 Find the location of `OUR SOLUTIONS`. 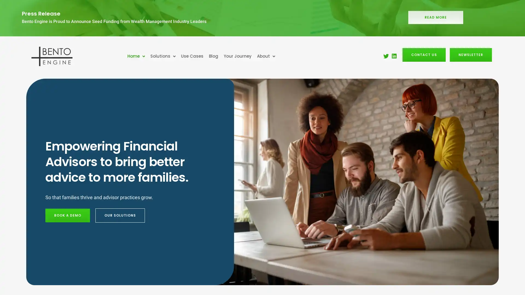

OUR SOLUTIONS is located at coordinates (120, 215).